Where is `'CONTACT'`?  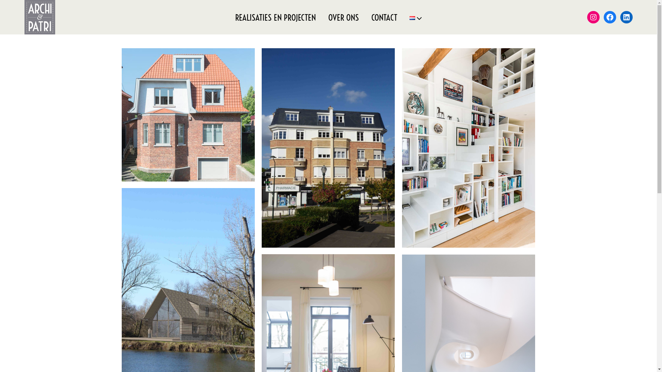 'CONTACT' is located at coordinates (384, 17).